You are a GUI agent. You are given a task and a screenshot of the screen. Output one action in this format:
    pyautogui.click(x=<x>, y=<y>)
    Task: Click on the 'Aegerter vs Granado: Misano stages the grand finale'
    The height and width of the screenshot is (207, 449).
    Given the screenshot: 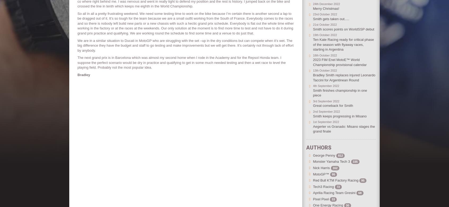 What is the action you would take?
    pyautogui.click(x=312, y=129)
    